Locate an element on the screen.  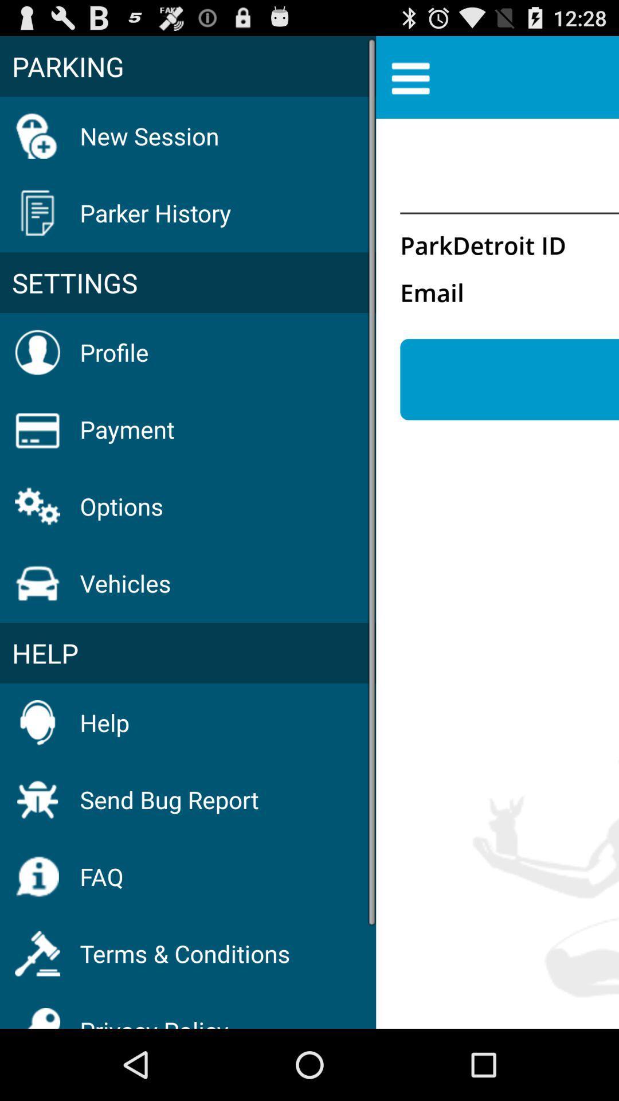
the parker history icon is located at coordinates (155, 213).